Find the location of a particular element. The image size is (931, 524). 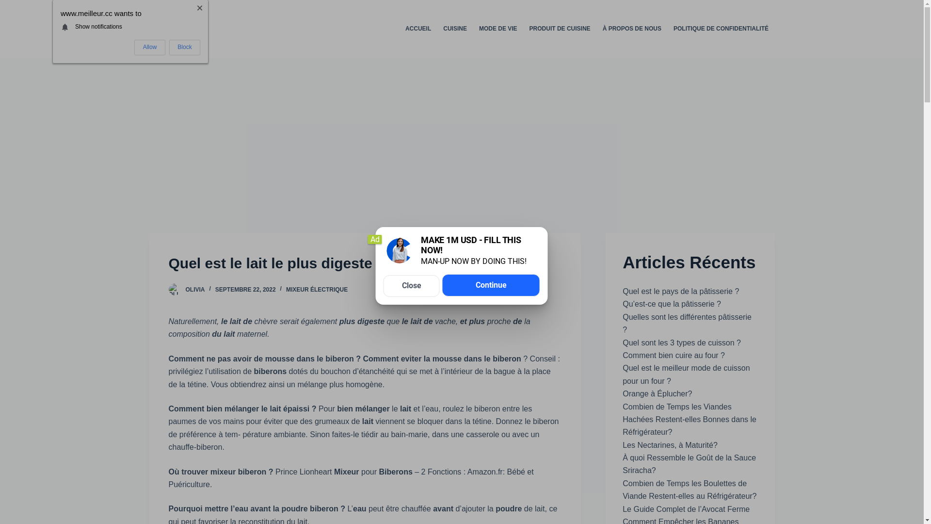

'Comment bien cuire au four ?' is located at coordinates (622, 355).